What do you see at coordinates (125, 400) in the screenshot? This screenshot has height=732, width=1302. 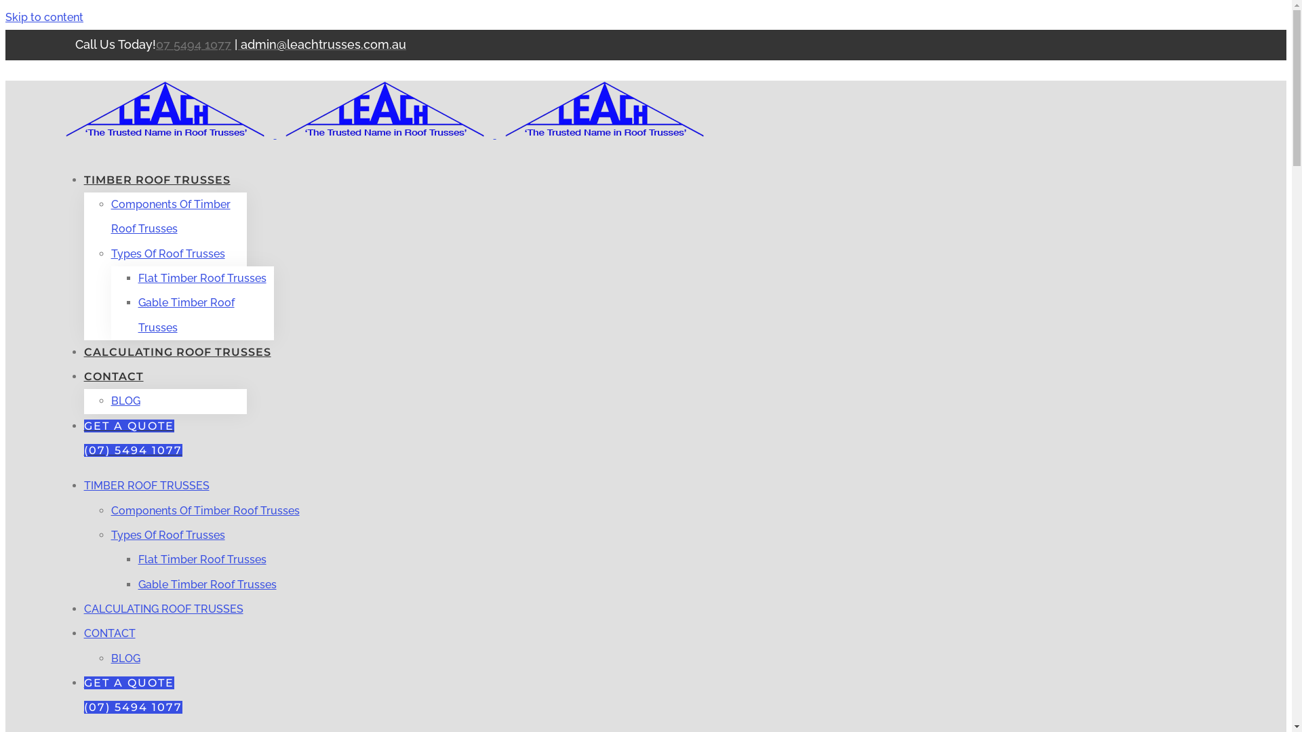 I see `'BLOG'` at bounding box center [125, 400].